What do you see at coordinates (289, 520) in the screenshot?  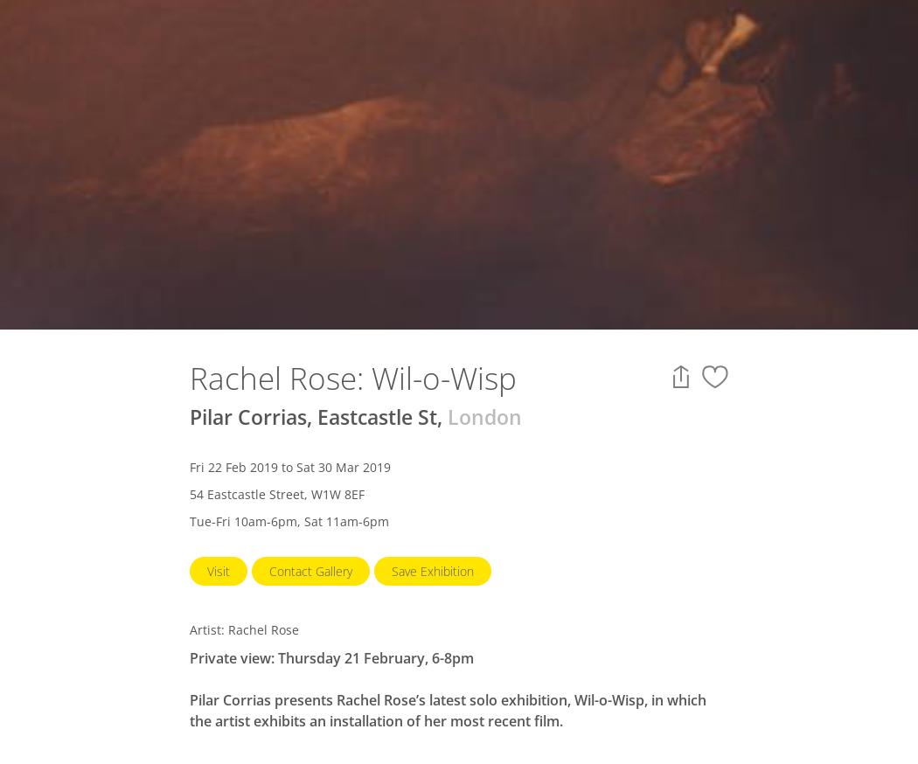 I see `'Tue-Fri 10am-6pm, Sat 11am-6pm'` at bounding box center [289, 520].